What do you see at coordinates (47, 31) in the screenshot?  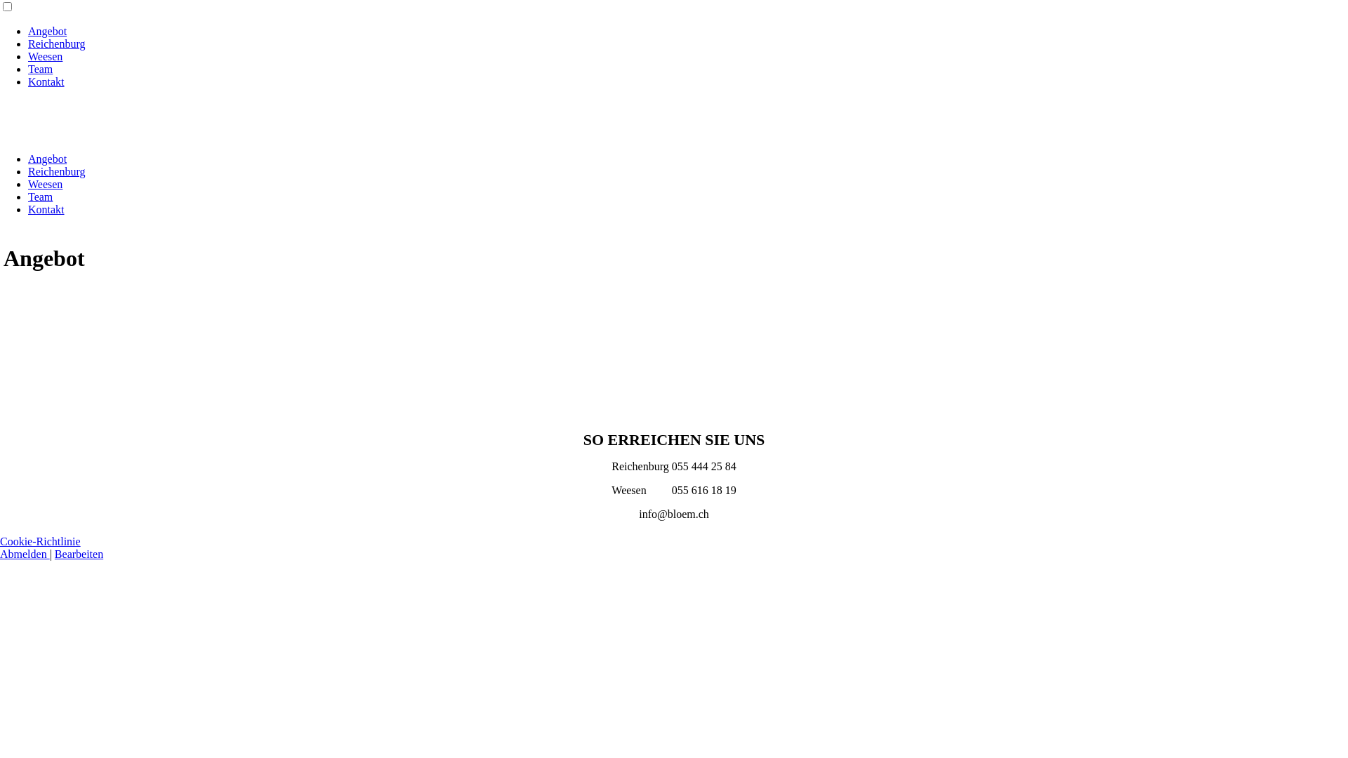 I see `'Angebot'` at bounding box center [47, 31].